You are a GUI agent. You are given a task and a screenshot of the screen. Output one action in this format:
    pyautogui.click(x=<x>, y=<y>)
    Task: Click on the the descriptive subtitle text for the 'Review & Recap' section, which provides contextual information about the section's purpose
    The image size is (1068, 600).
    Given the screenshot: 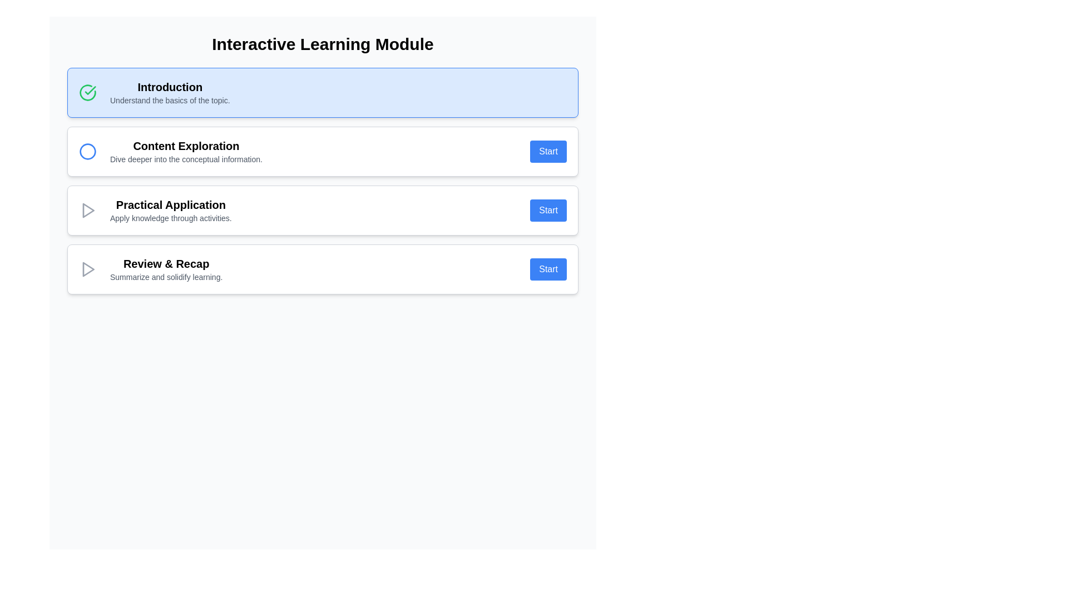 What is the action you would take?
    pyautogui.click(x=166, y=276)
    